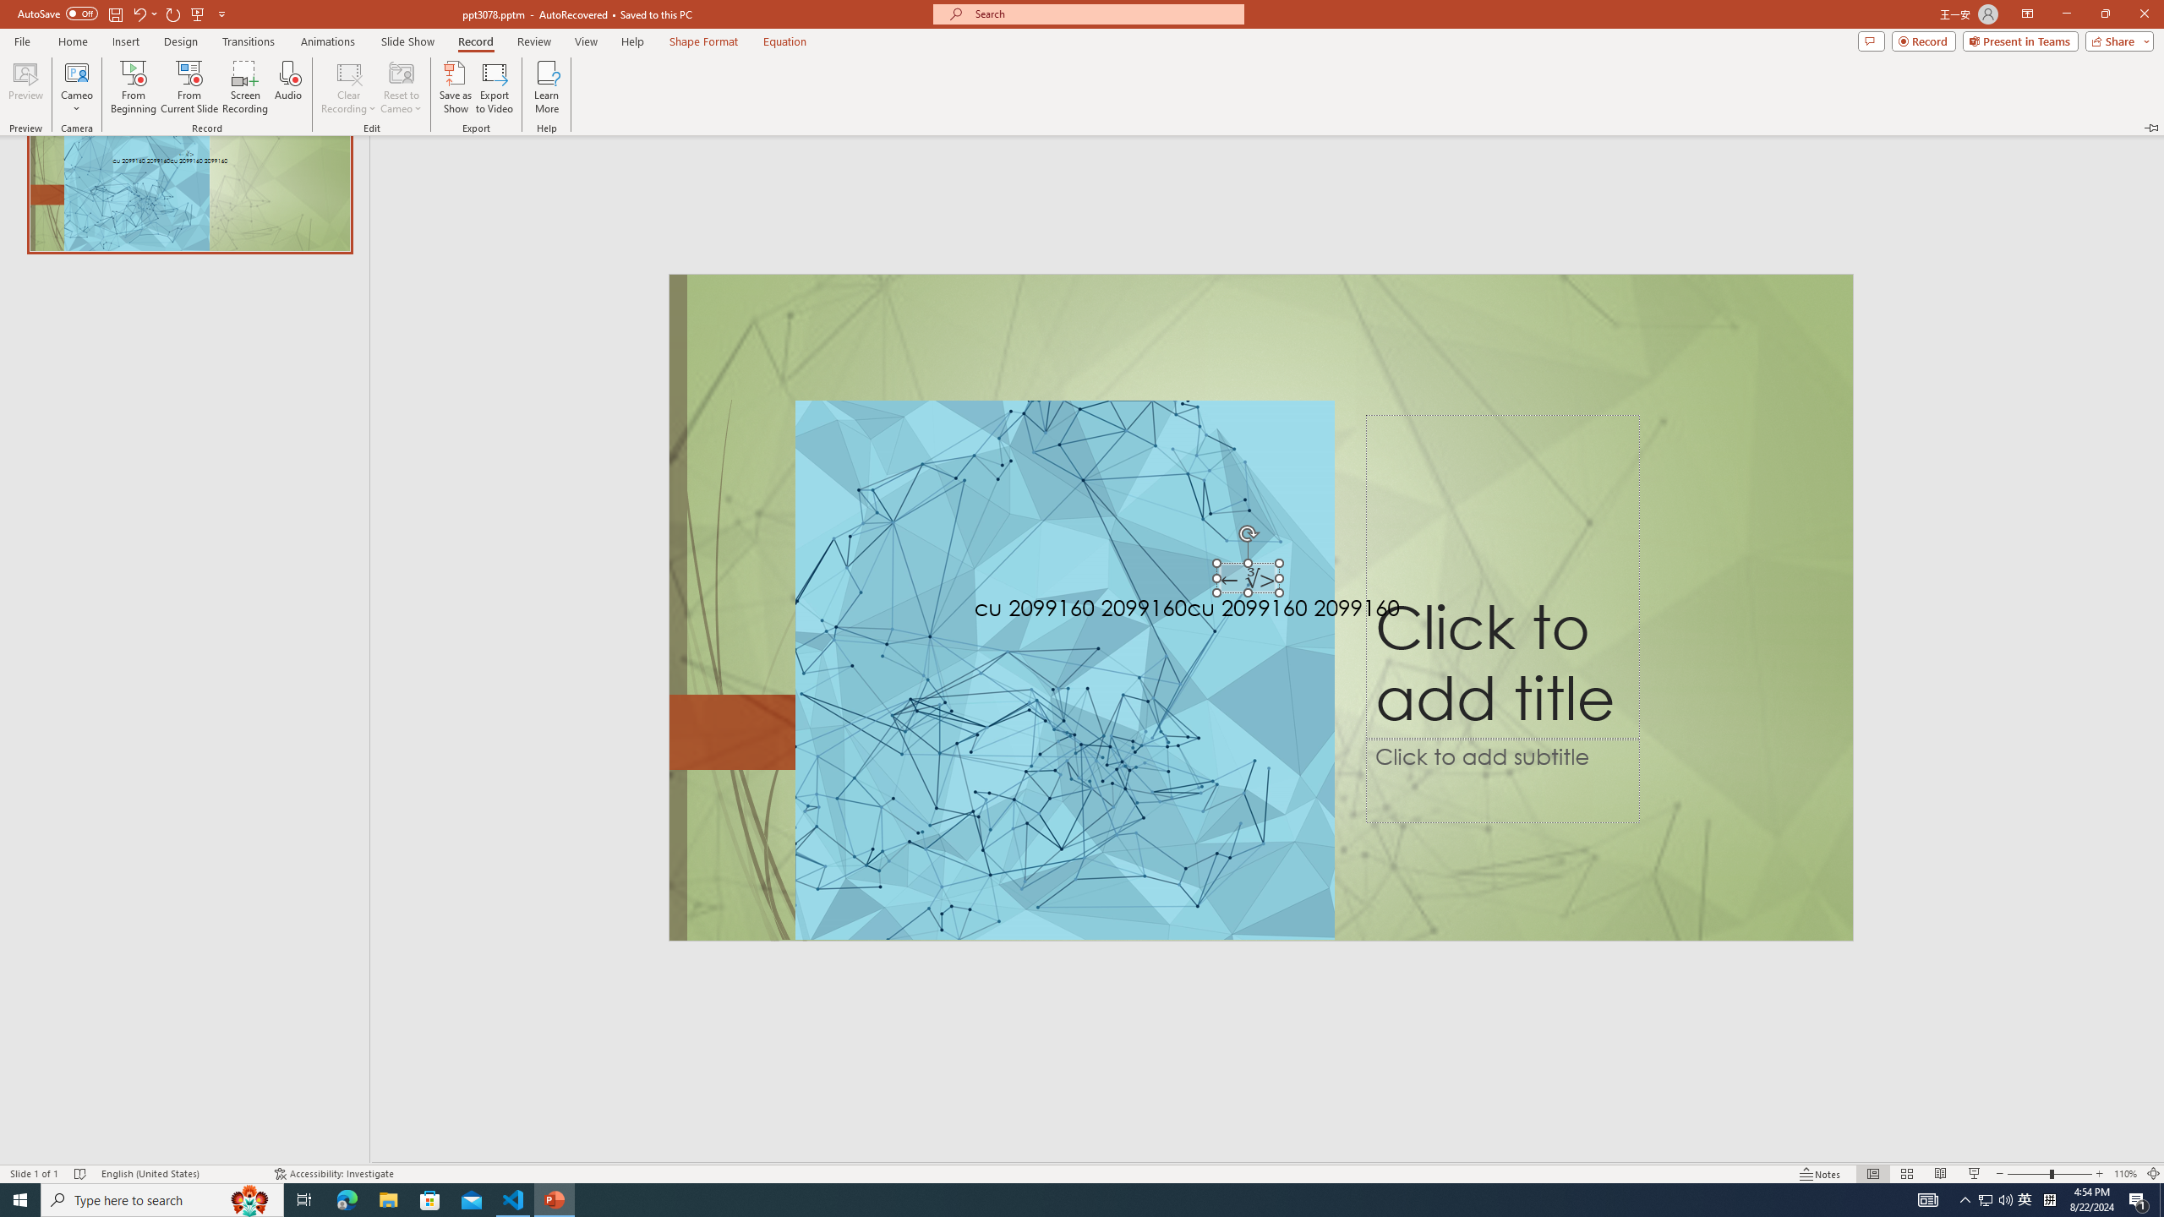  What do you see at coordinates (555, 1198) in the screenshot?
I see `'PowerPoint - 1 running window'` at bounding box center [555, 1198].